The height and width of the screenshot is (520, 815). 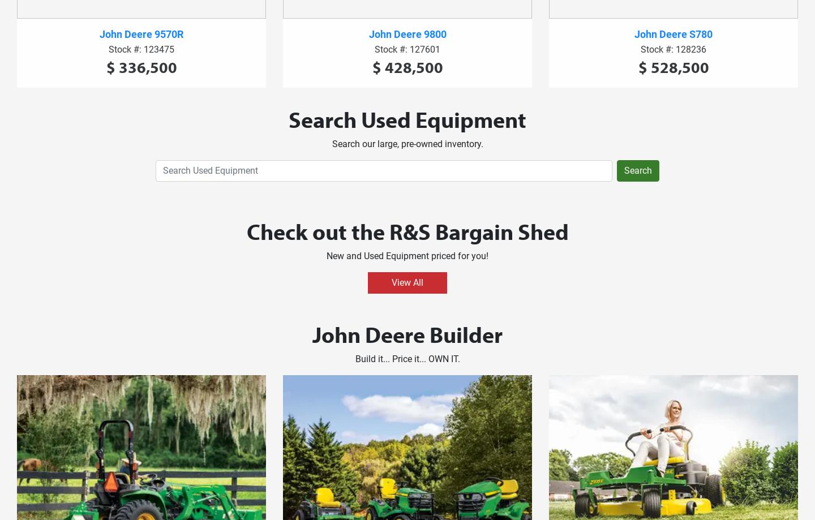 I want to click on 'Search our large, pre-owned inventory.', so click(x=407, y=144).